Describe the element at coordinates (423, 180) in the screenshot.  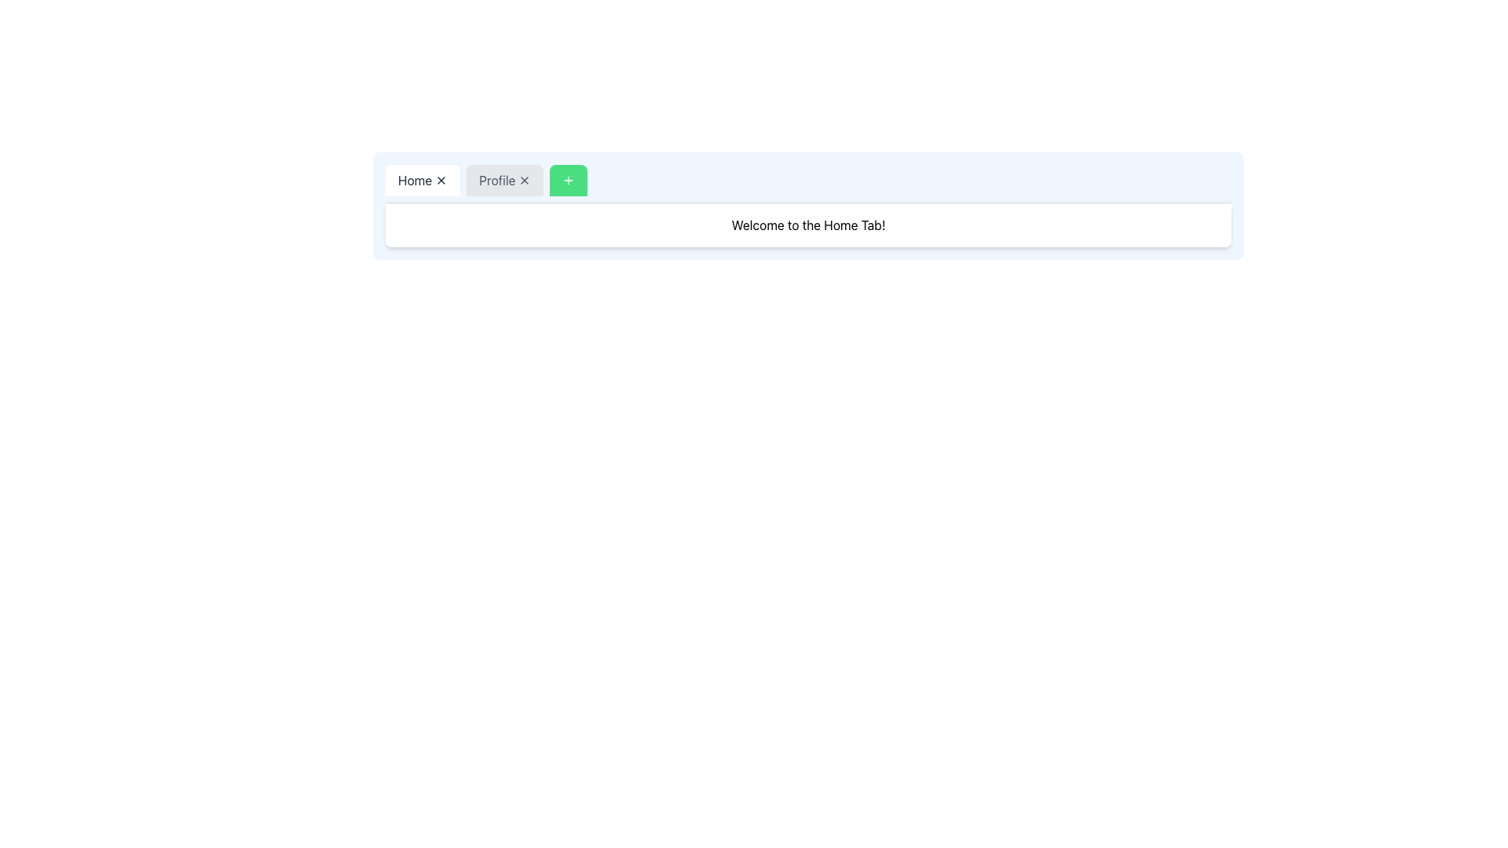
I see `the 'Home' tab located in the top-left section of the interface` at that location.